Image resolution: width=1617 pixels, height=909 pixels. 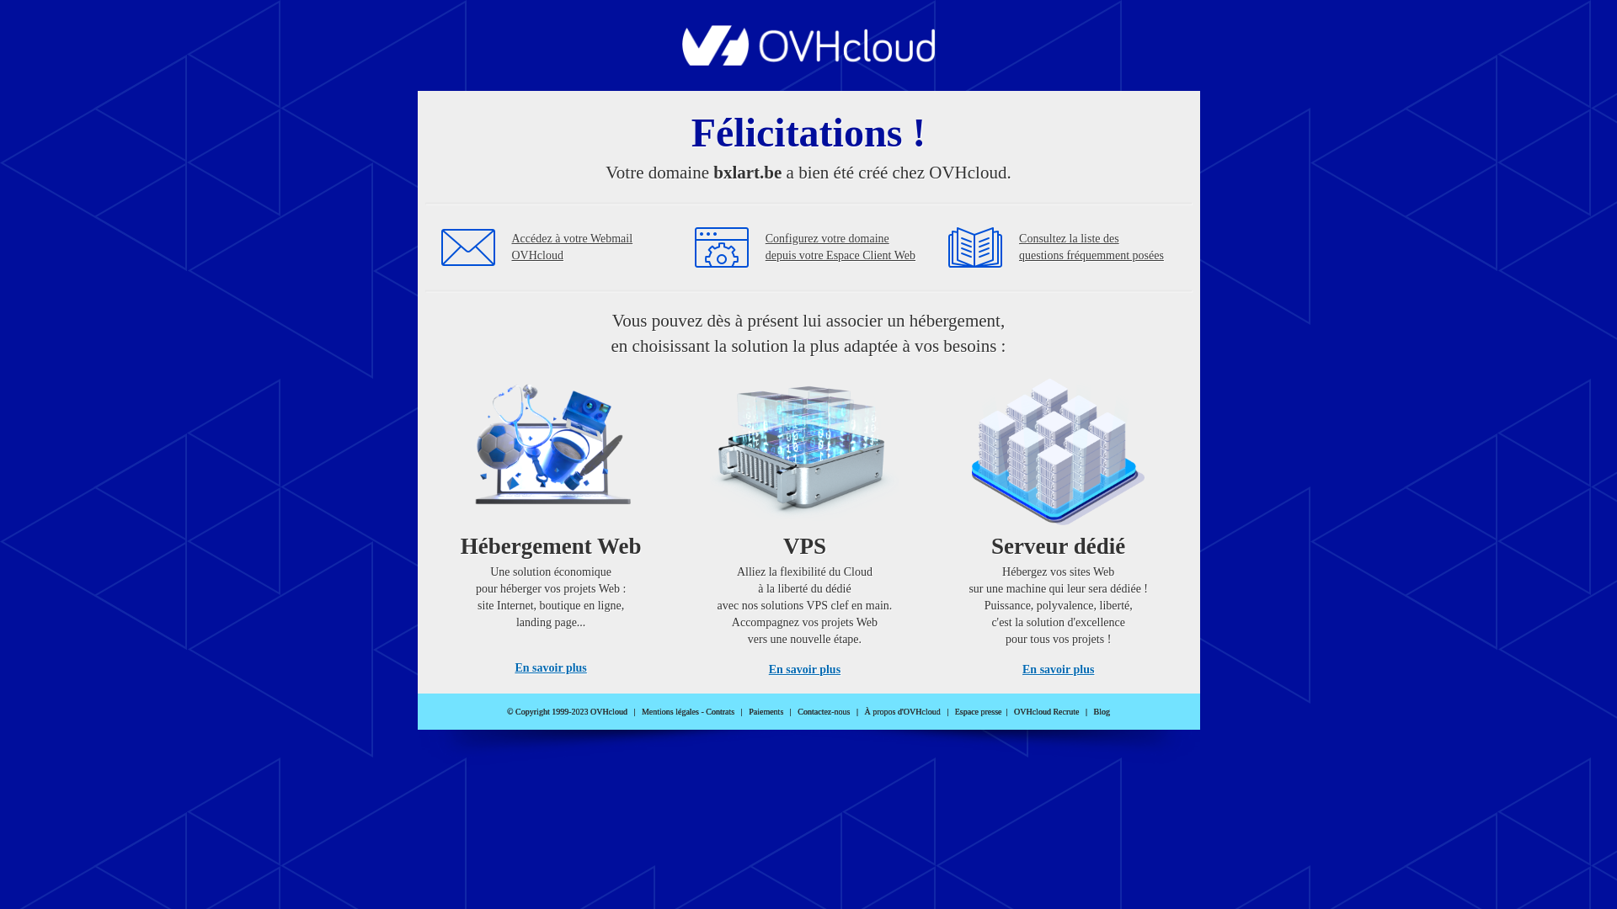 What do you see at coordinates (808, 60) in the screenshot?
I see `'OVHcloud'` at bounding box center [808, 60].